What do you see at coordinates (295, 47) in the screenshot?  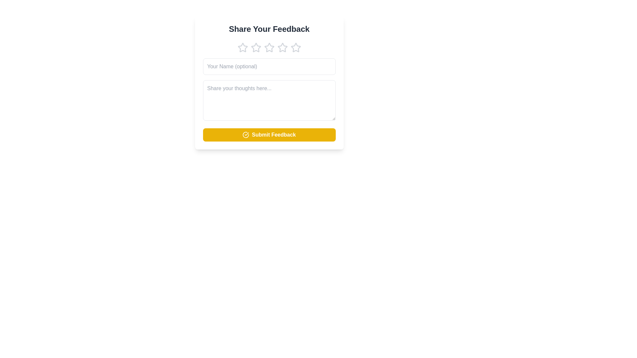 I see `the fifth selectable rating star icon` at bounding box center [295, 47].